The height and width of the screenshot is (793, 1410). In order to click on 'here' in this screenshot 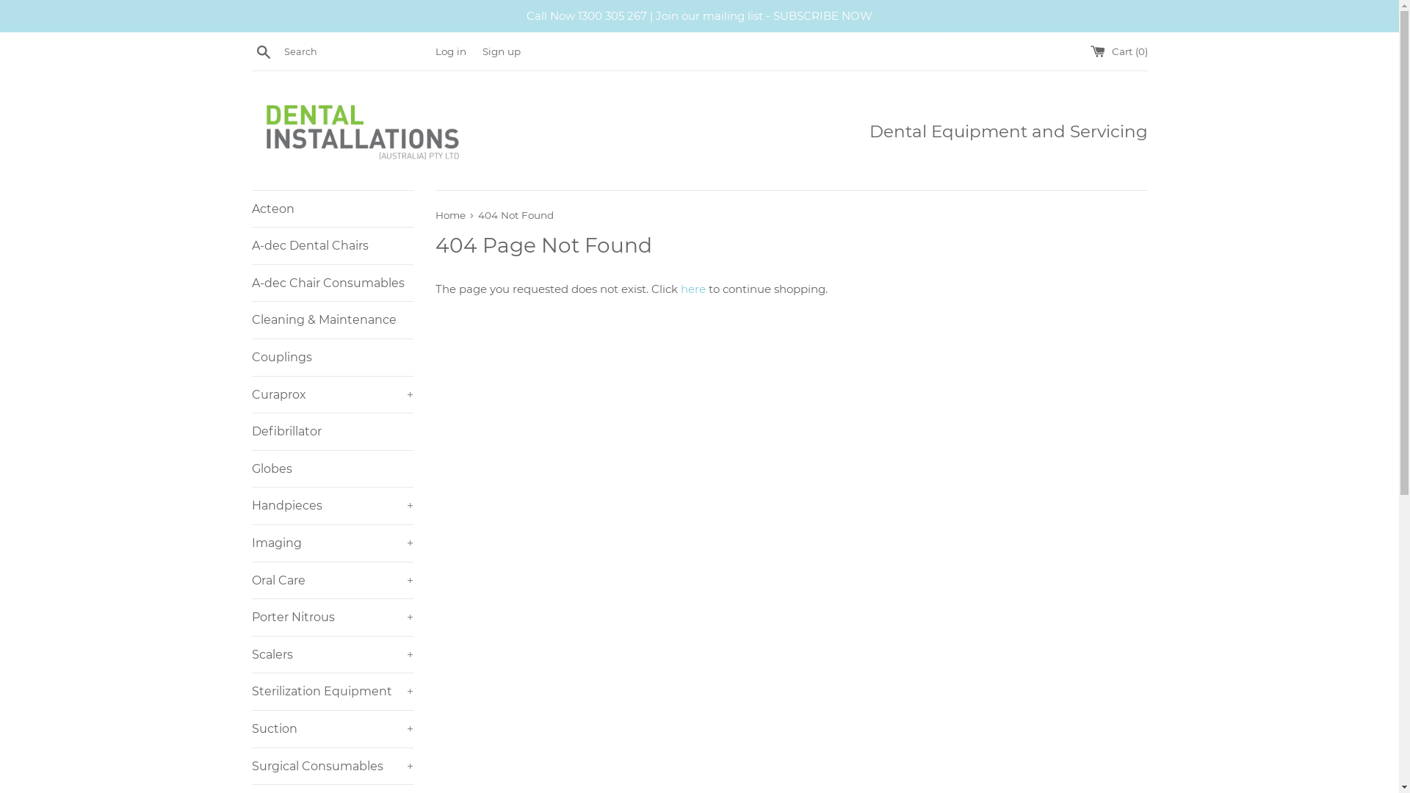, I will do `click(691, 289)`.